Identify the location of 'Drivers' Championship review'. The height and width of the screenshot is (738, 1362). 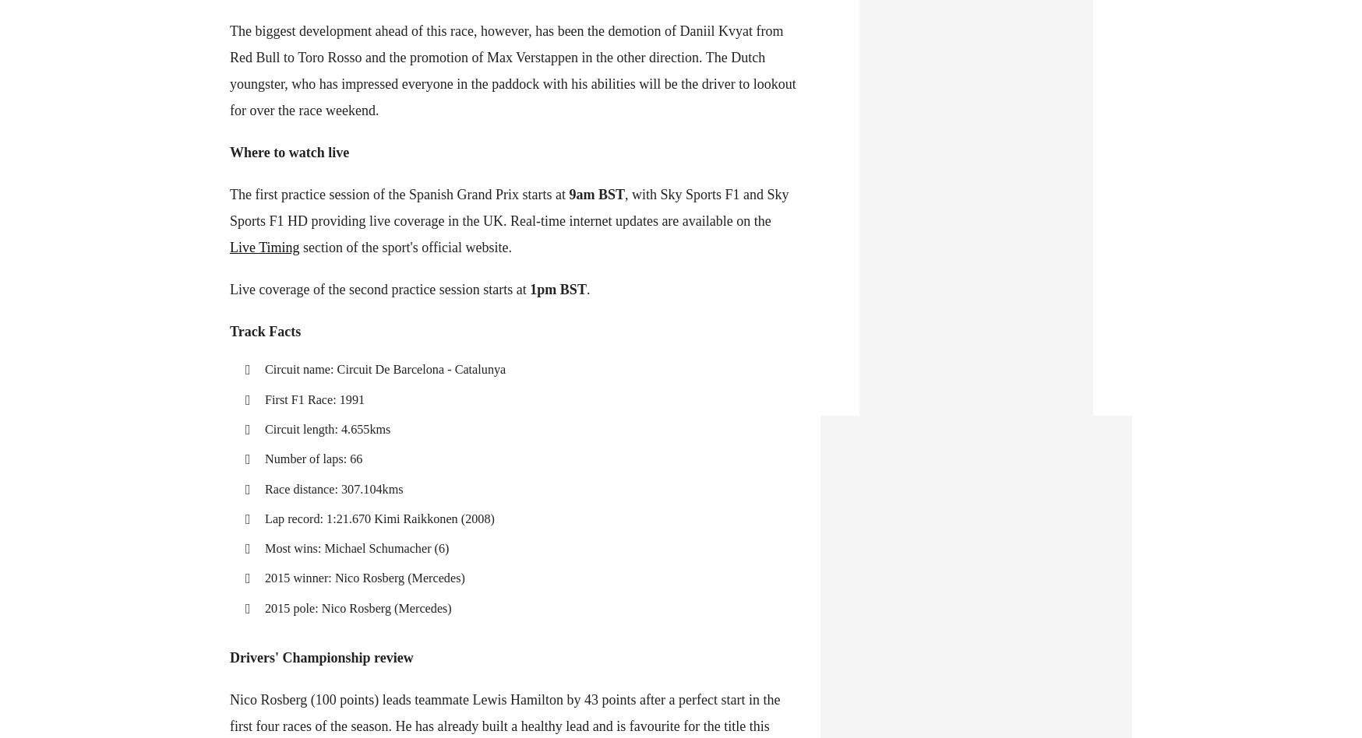
(321, 657).